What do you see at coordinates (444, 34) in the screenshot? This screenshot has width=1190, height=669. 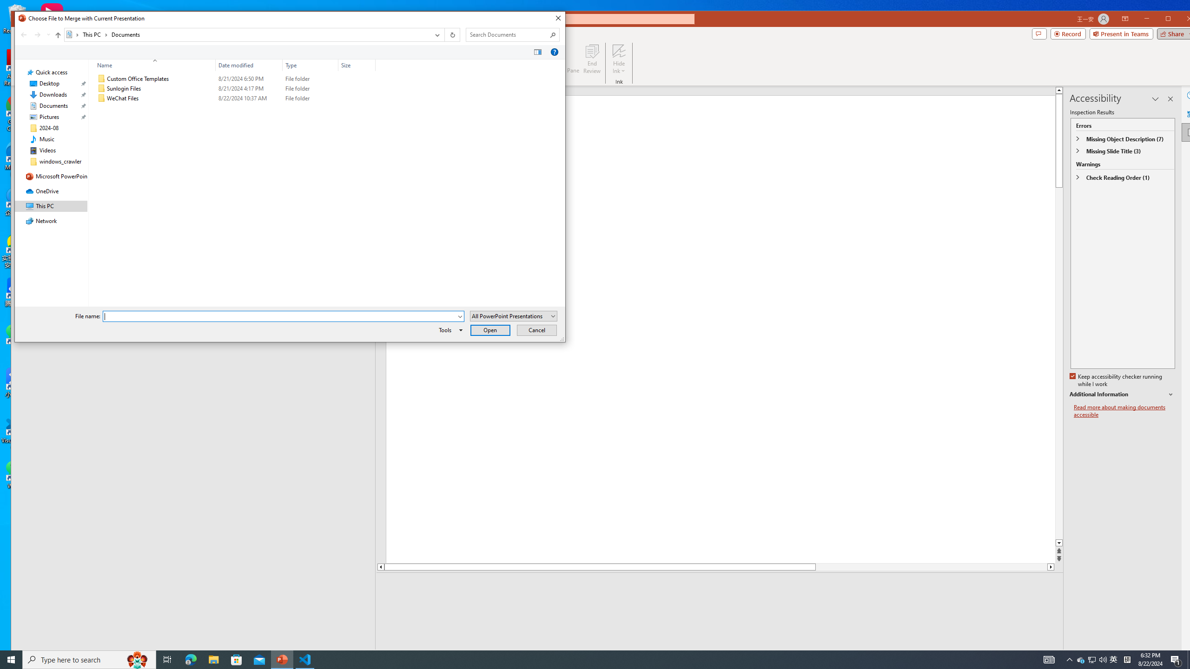 I see `'Address band toolbar'` at bounding box center [444, 34].